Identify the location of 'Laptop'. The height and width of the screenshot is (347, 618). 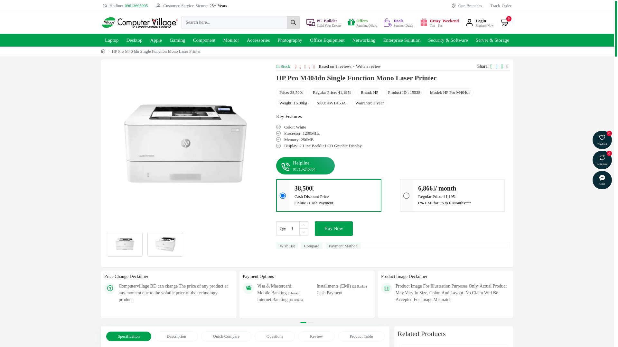
(112, 40).